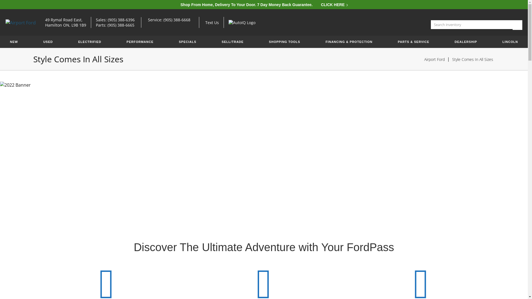 This screenshot has height=299, width=532. I want to click on 'Sales: (905) 388-6396', so click(96, 19).